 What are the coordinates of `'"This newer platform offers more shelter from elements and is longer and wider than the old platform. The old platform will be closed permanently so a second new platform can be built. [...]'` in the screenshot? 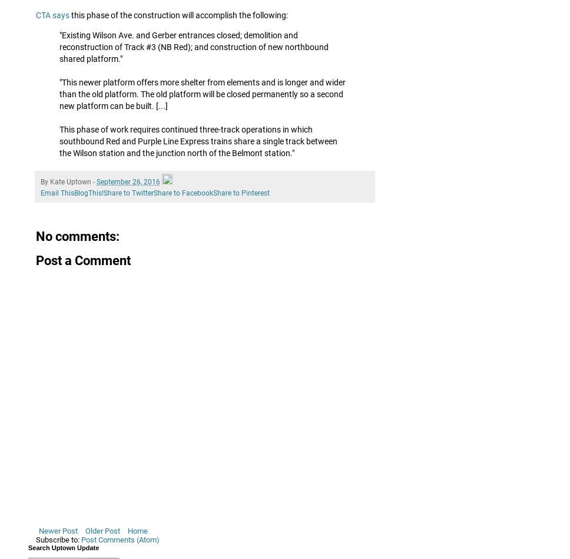 It's located at (59, 93).